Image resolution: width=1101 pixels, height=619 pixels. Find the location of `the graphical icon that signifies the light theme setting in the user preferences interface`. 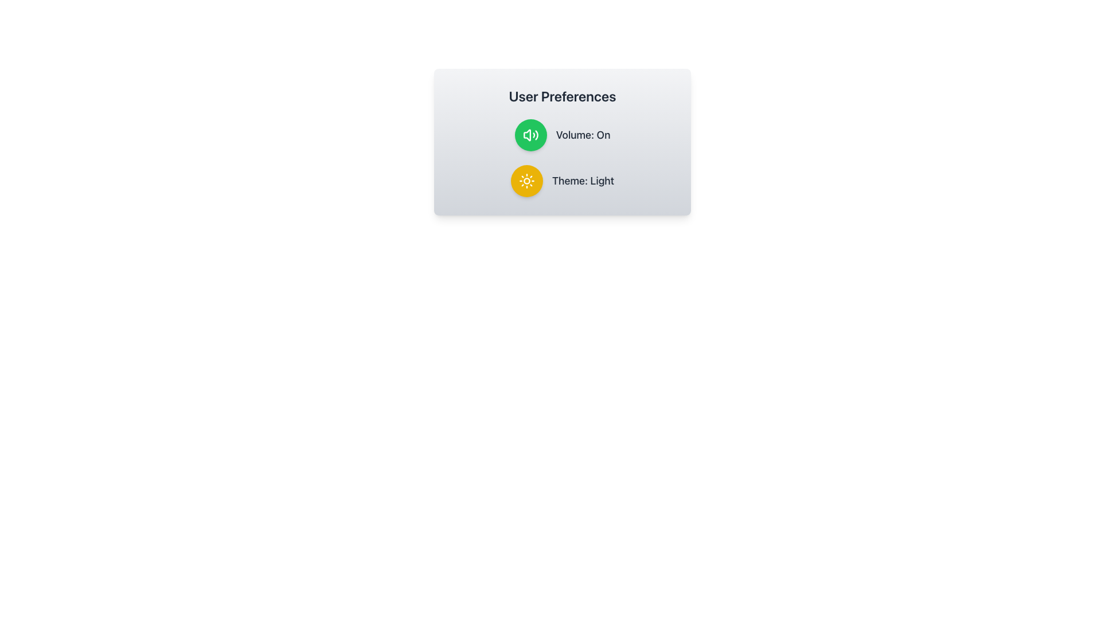

the graphical icon that signifies the light theme setting in the user preferences interface is located at coordinates (526, 181).